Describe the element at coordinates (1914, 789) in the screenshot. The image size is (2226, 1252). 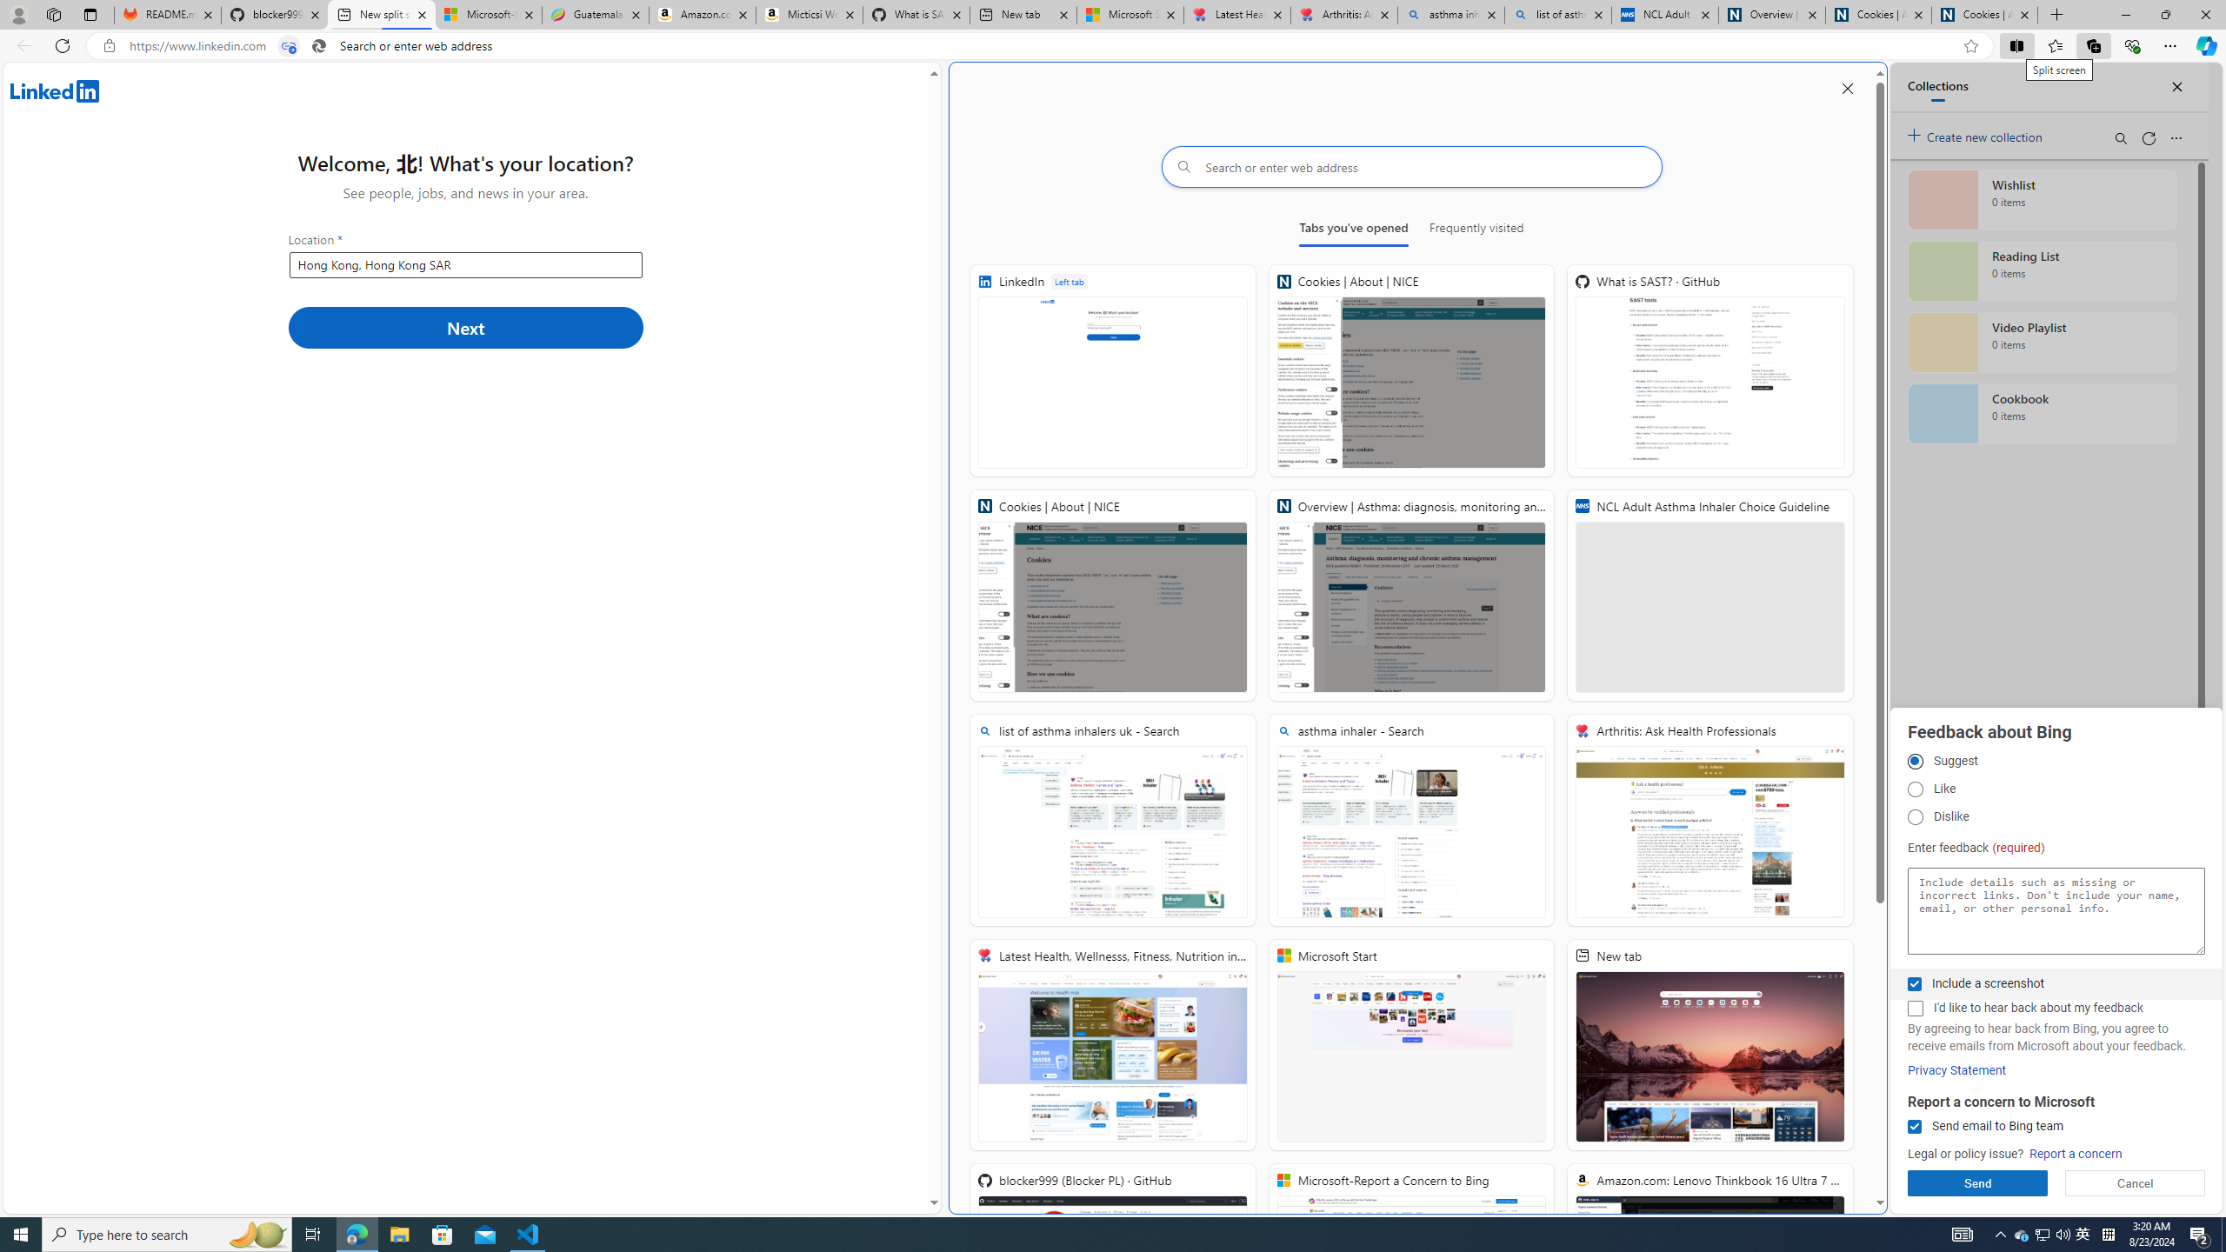
I see `'Like'` at that location.